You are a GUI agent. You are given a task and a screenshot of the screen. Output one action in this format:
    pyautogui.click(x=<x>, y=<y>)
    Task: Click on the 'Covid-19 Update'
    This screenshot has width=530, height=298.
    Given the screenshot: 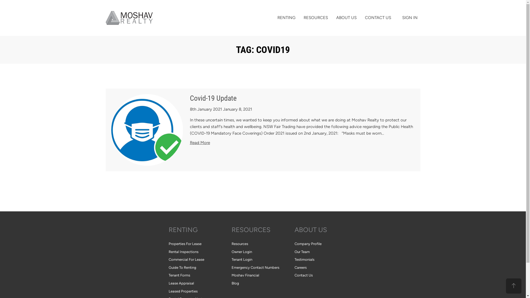 What is the action you would take?
    pyautogui.click(x=213, y=98)
    